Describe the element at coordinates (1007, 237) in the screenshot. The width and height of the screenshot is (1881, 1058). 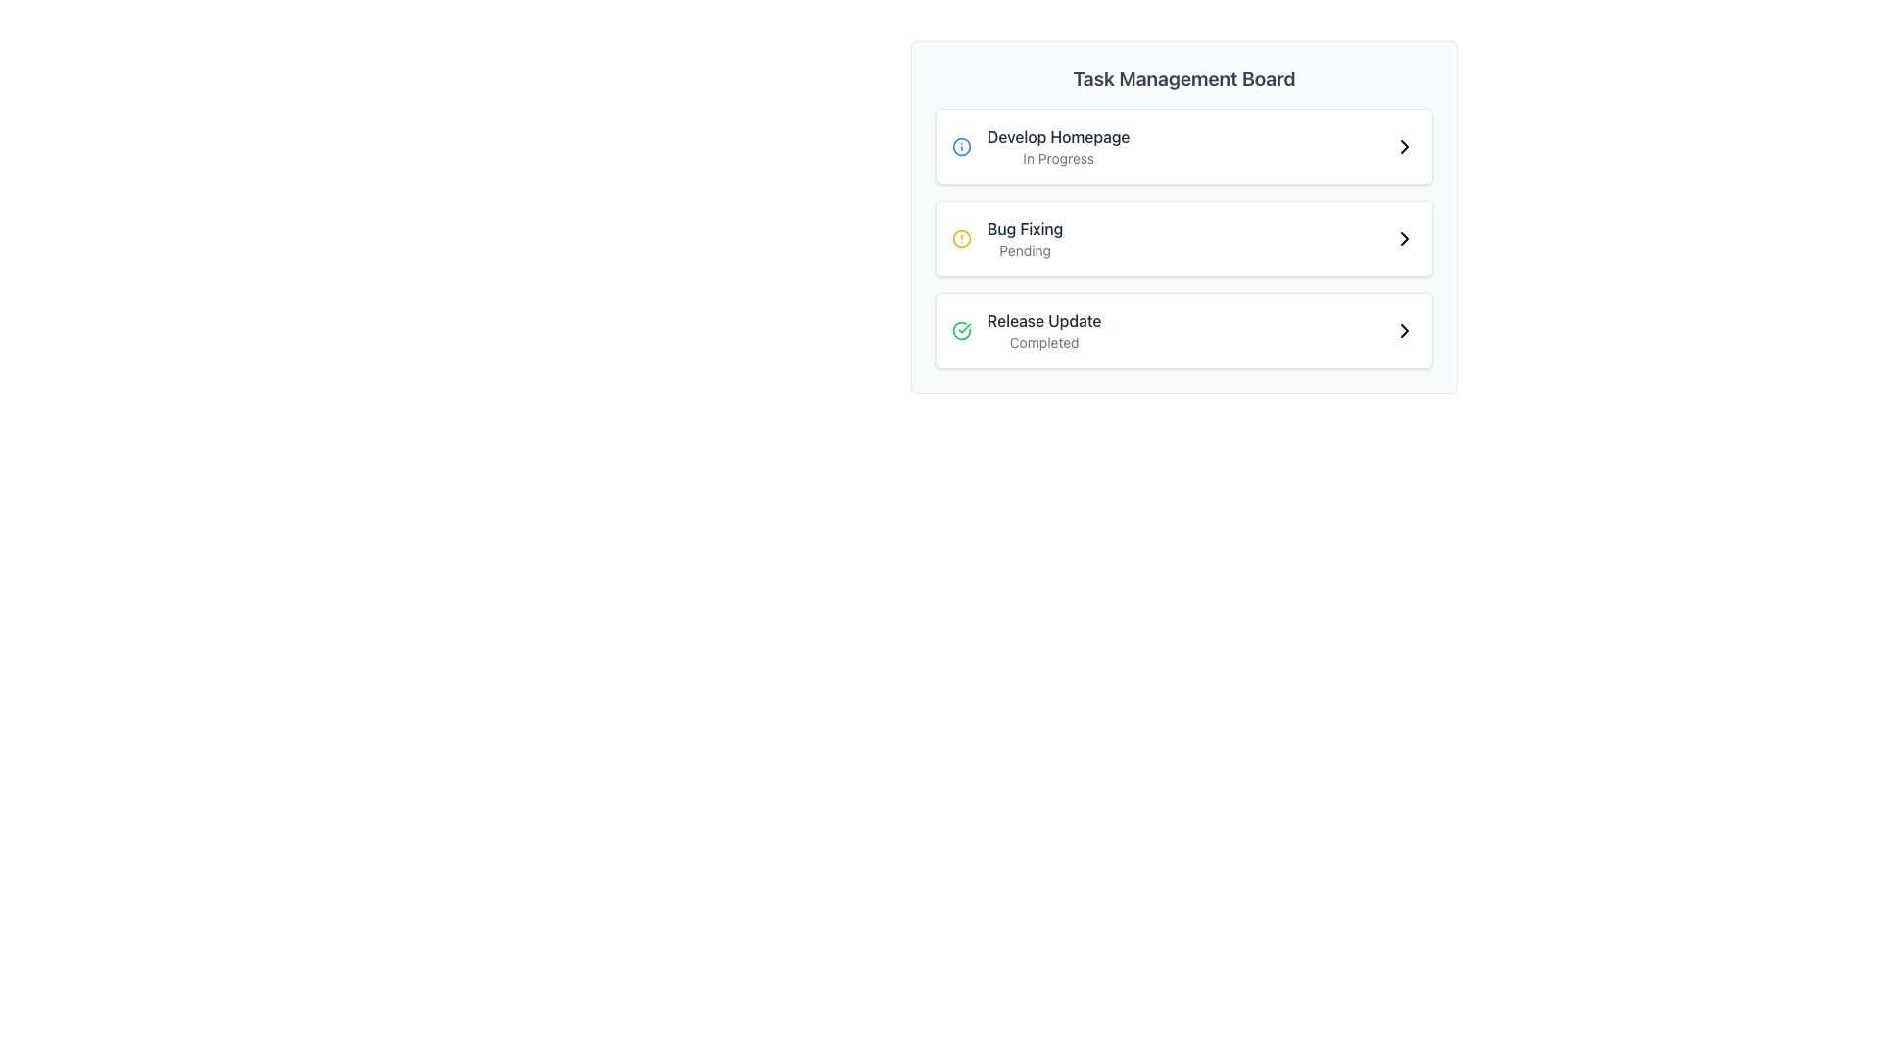
I see `the 'Bug Fixing' task information element, which is the second item in the middle row of the task management board, displaying a status of 'Pending'` at that location.